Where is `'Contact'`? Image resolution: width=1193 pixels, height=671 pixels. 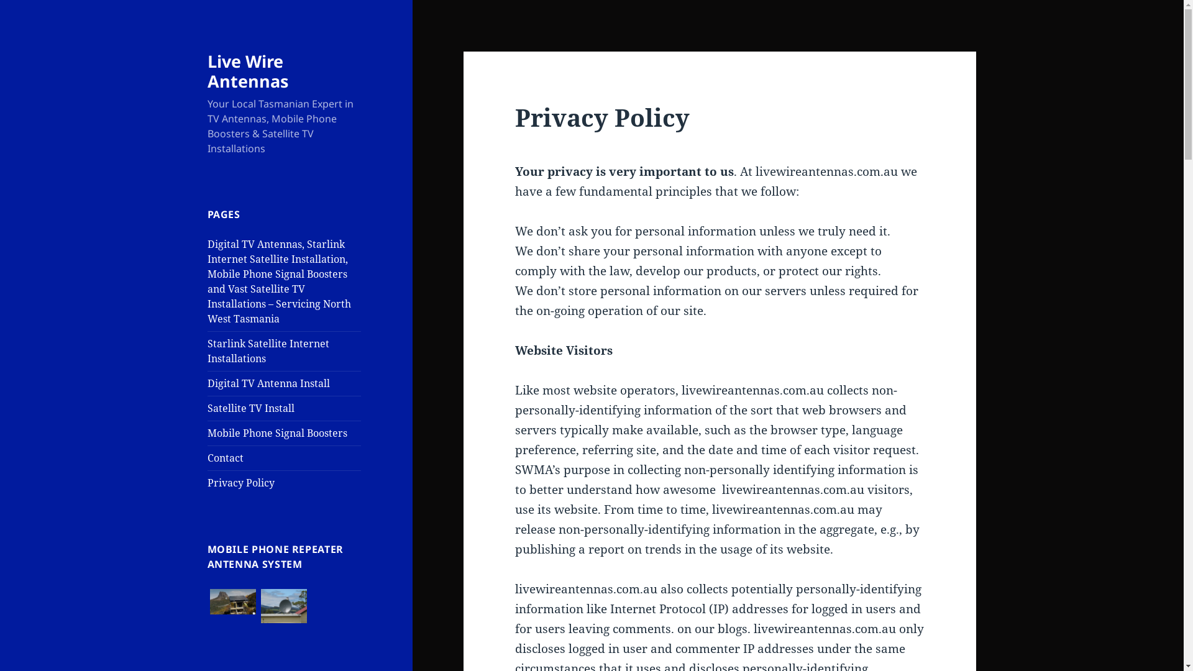 'Contact' is located at coordinates (226, 457).